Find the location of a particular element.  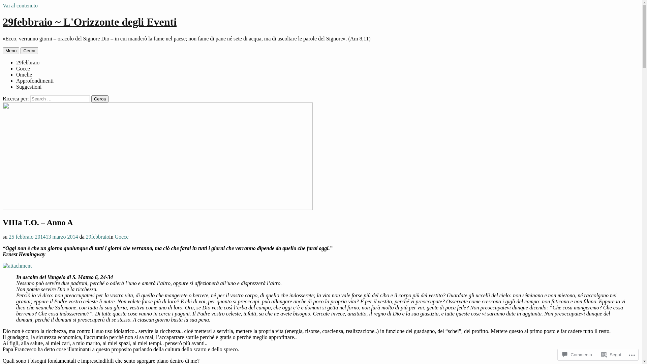

'Omelie' is located at coordinates (24, 74).